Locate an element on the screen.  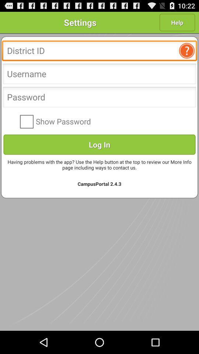
the help icon is located at coordinates (188, 55).